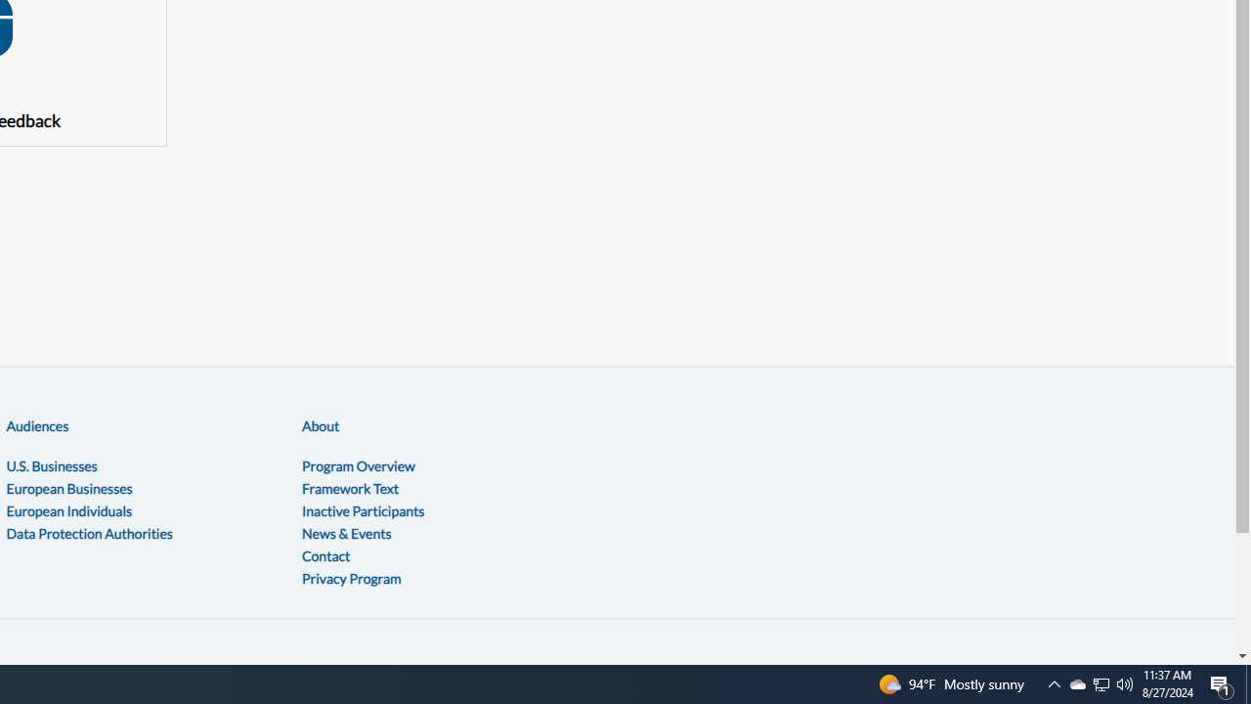  Describe the element at coordinates (88, 532) in the screenshot. I see `'Data Protection Authorities'` at that location.